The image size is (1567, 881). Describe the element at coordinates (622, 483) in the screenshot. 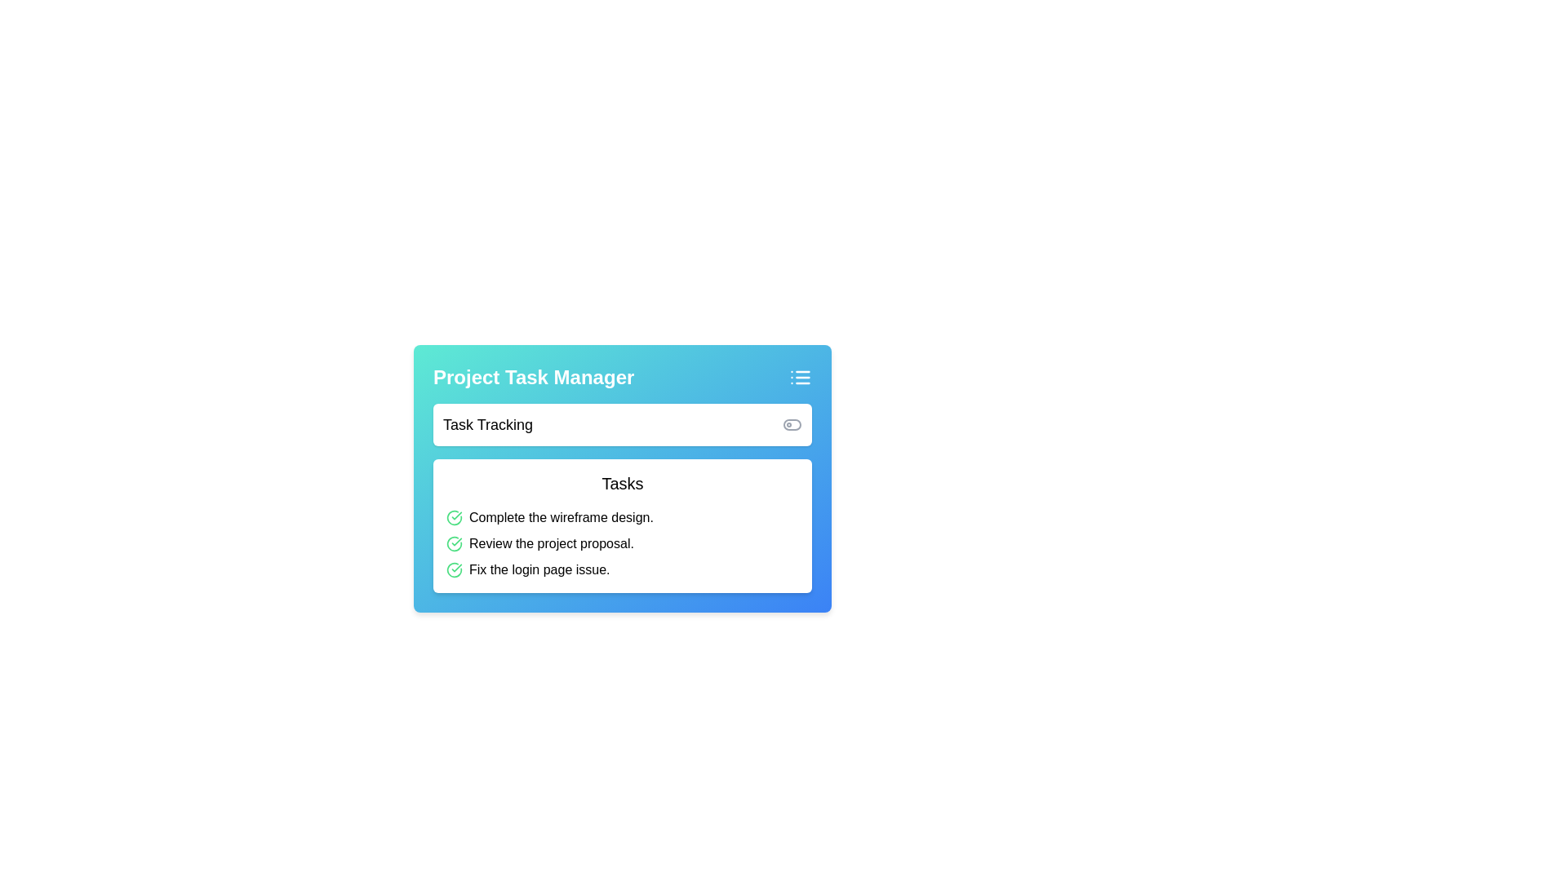

I see `the bold, large-sized text label reading 'Tasks', which serves as a section header above the task list items` at that location.